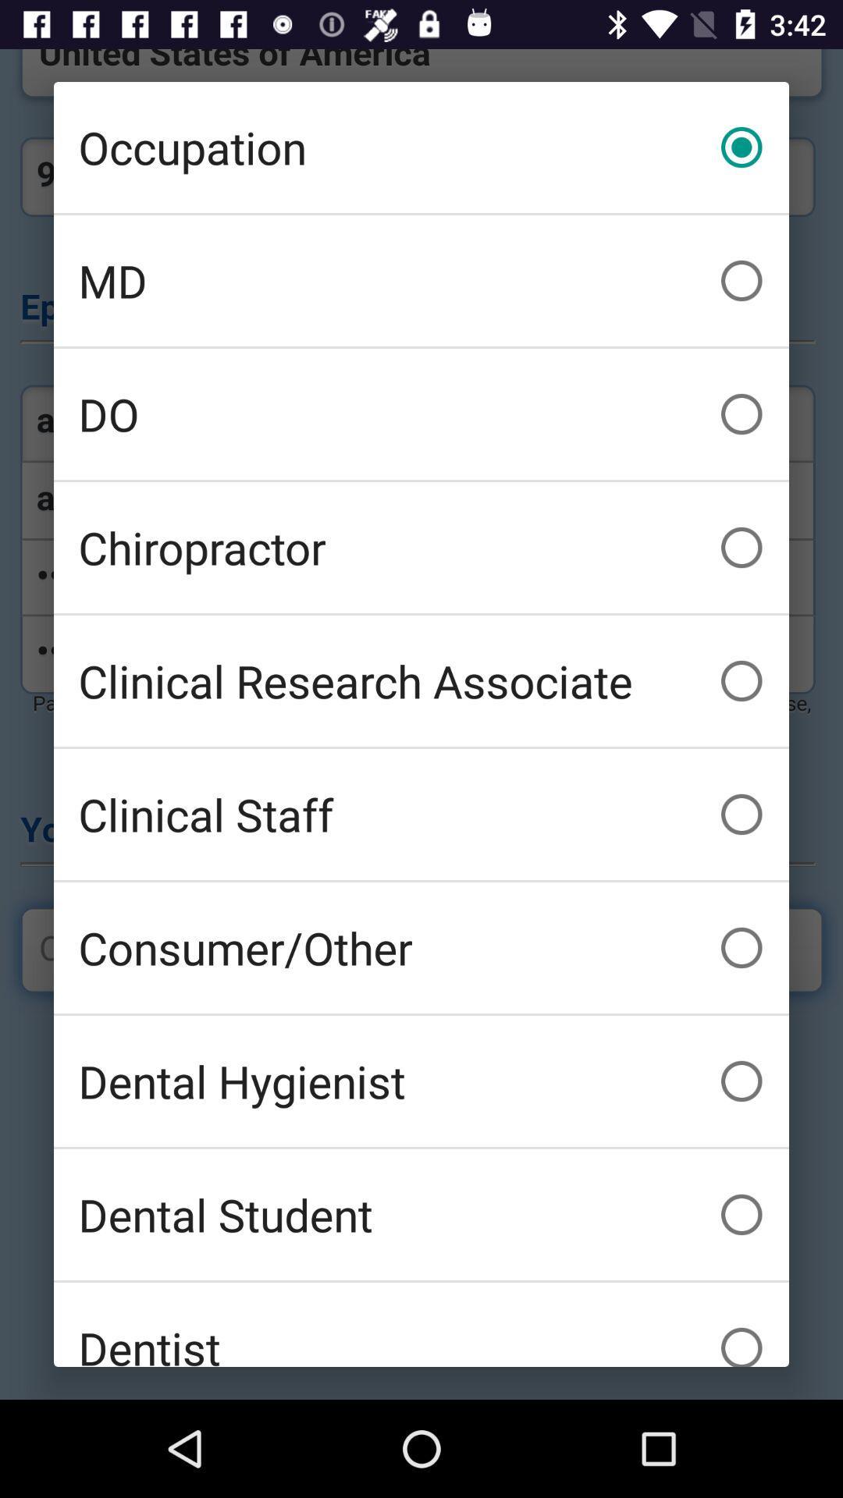 The width and height of the screenshot is (843, 1498). Describe the element at coordinates (421, 281) in the screenshot. I see `item above the do item` at that location.